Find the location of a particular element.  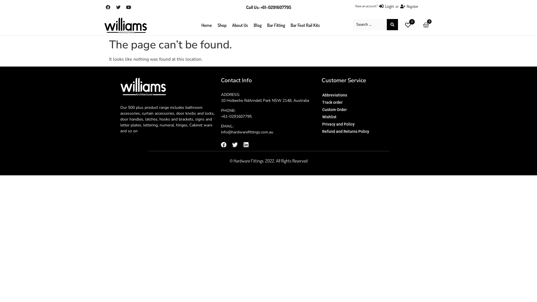

'Blog' is located at coordinates (257, 24).